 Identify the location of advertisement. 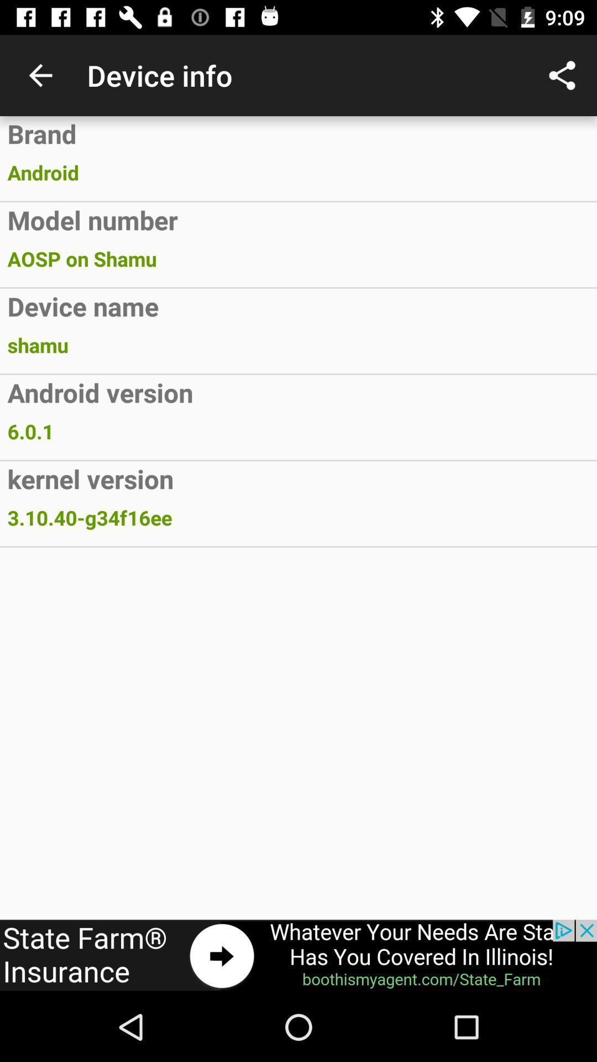
(298, 955).